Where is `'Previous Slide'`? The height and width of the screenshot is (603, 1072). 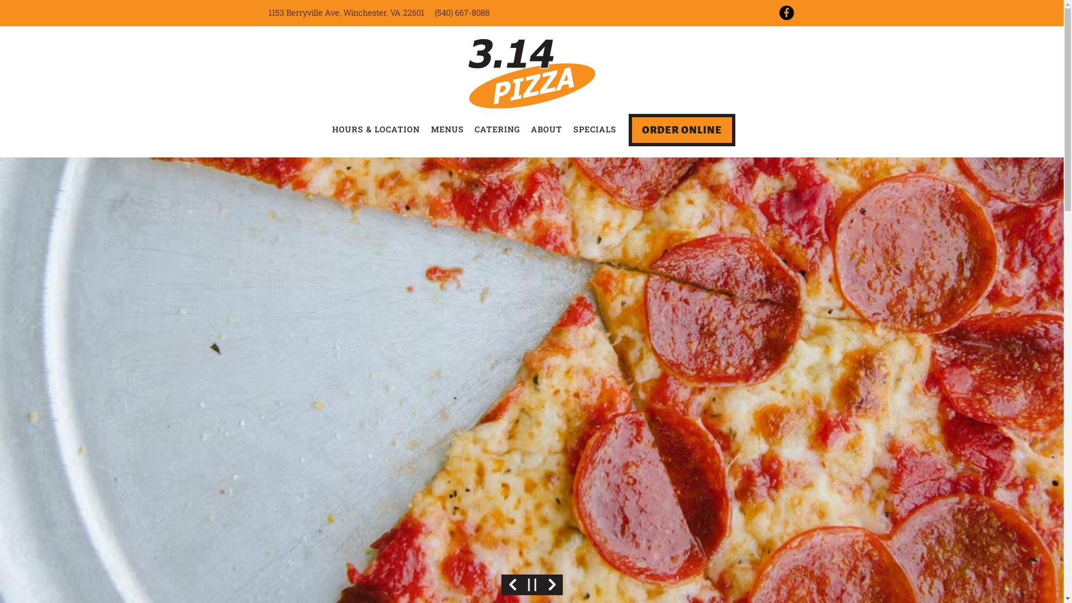
'Previous Slide' is located at coordinates (511, 584).